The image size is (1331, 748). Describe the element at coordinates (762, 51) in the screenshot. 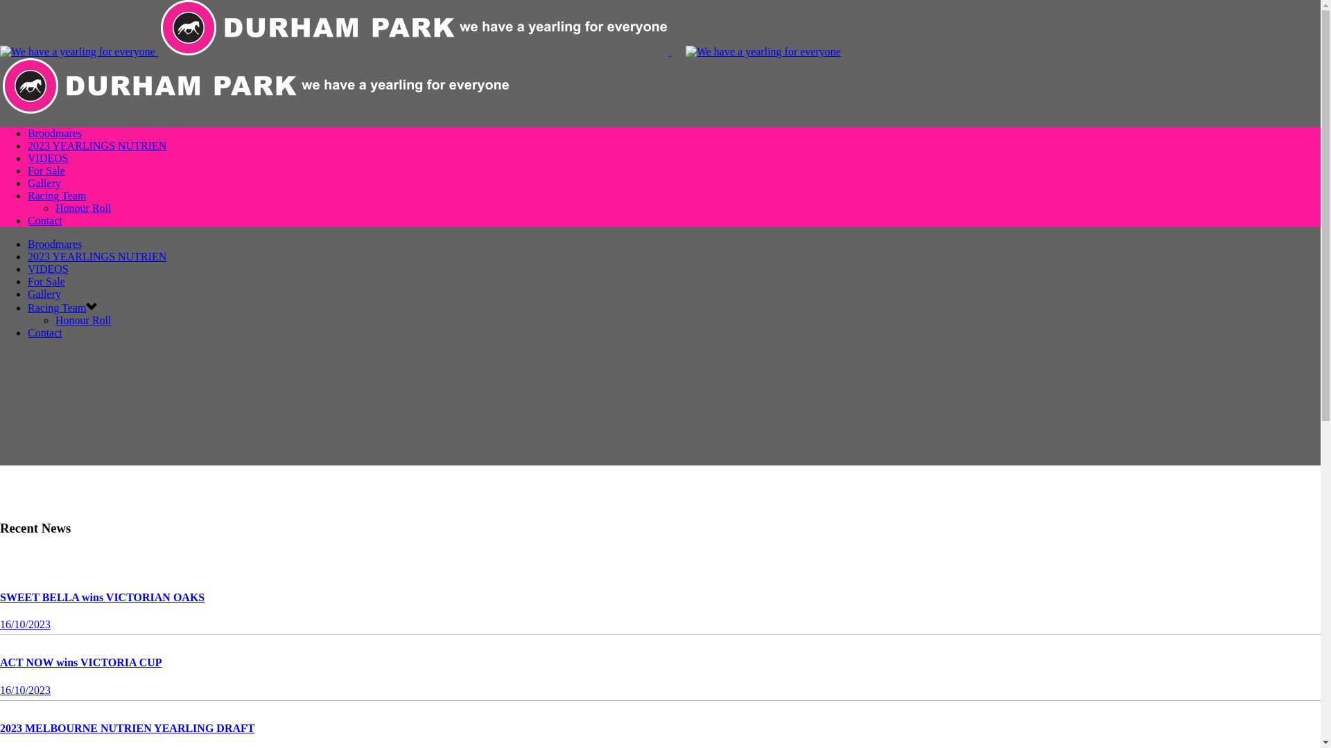

I see `'We have a yearling for everyone'` at that location.